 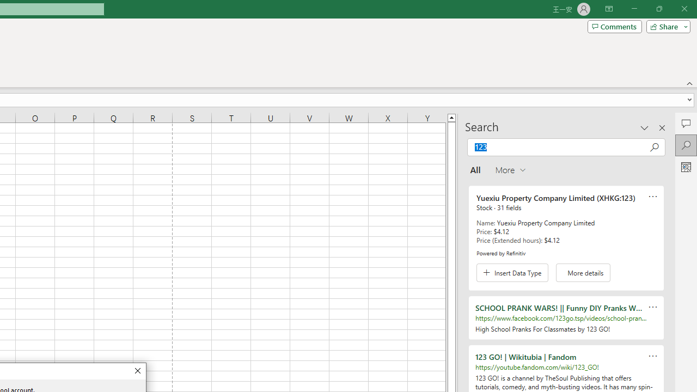 What do you see at coordinates (137, 370) in the screenshot?
I see `'Close'` at bounding box center [137, 370].